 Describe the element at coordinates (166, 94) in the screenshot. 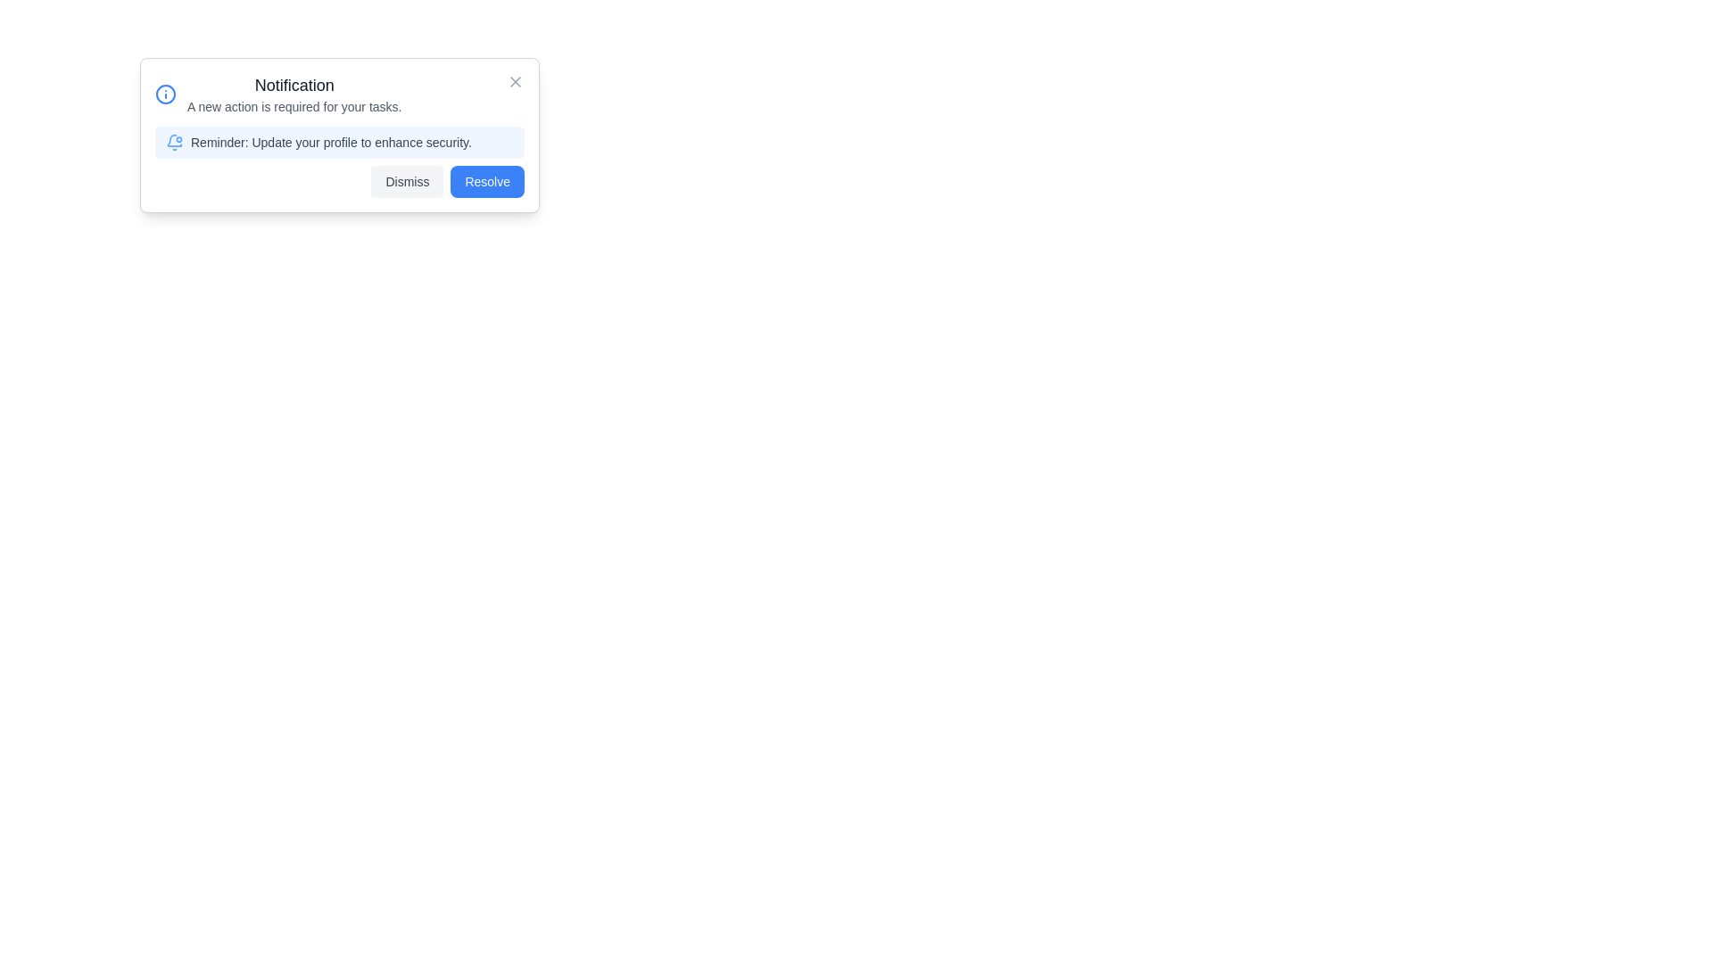

I see `the alert icon located at the top-left corner of the notification card, next to the 'Notification' title` at that location.